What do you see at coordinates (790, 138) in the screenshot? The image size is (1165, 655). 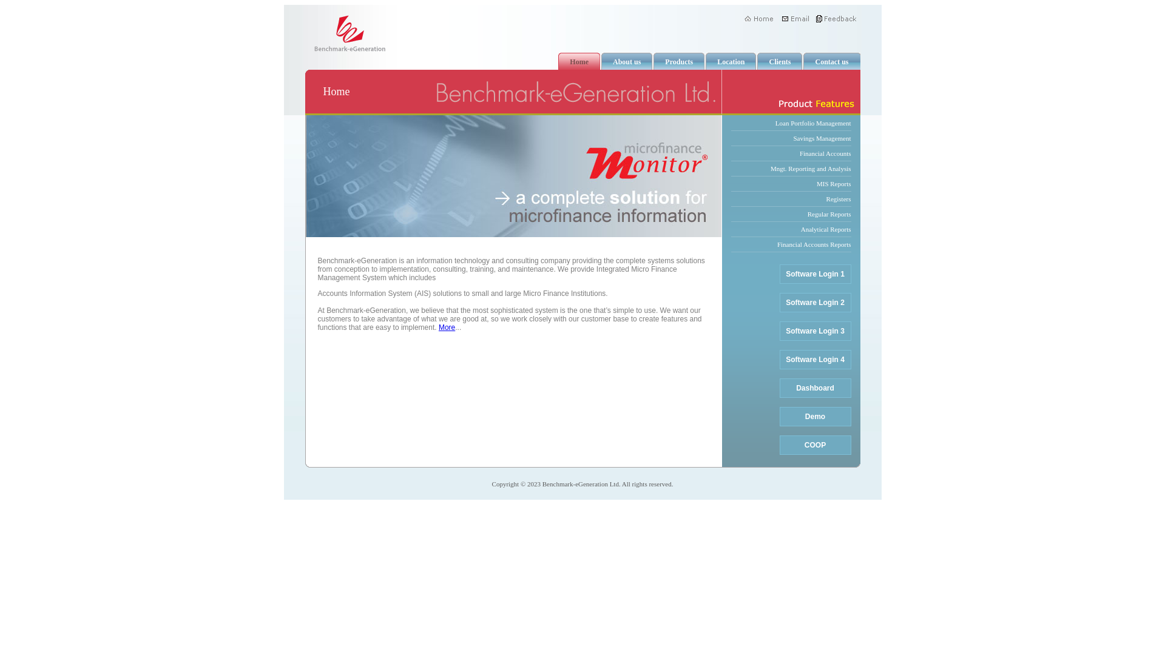 I see `'Savings Management'` at bounding box center [790, 138].